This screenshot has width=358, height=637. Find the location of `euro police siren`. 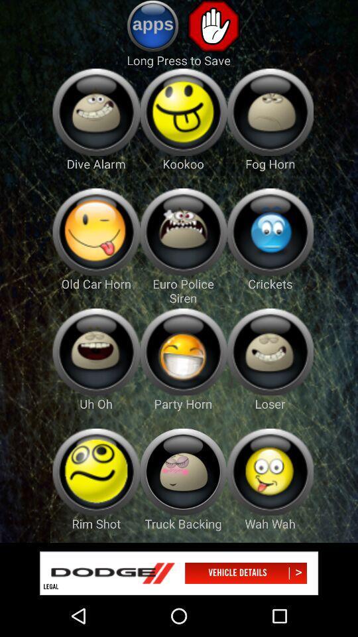

euro police siren is located at coordinates (182, 232).